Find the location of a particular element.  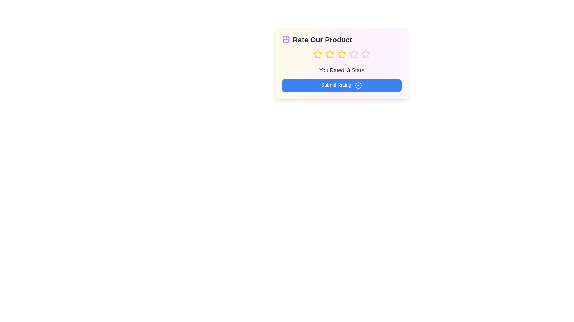

the star corresponding to the desired rating 2 is located at coordinates (329, 54).